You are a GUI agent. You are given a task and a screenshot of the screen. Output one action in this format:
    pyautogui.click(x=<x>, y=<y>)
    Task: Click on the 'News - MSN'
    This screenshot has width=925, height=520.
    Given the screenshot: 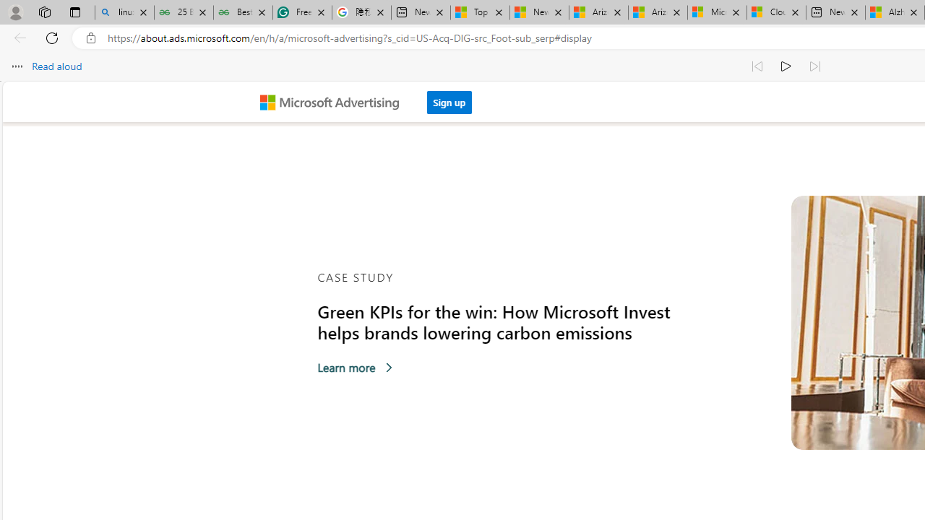 What is the action you would take?
    pyautogui.click(x=538, y=12)
    